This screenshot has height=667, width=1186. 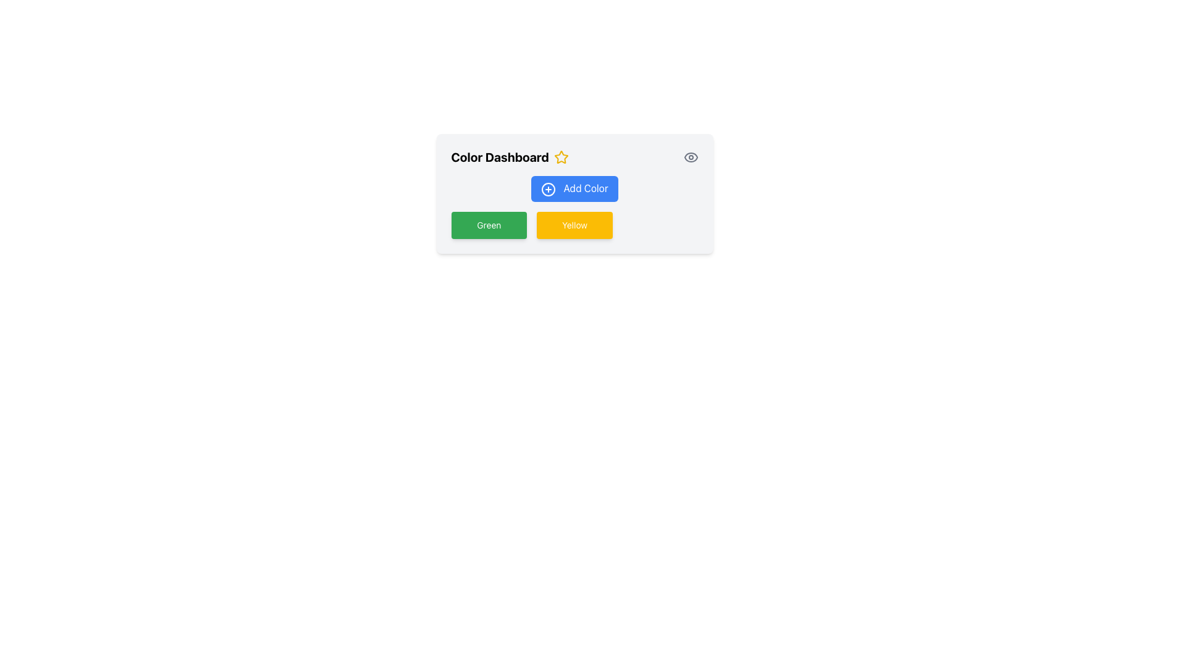 What do you see at coordinates (548, 189) in the screenshot?
I see `the circular icon with a bordered outline and an inner cross, which is located to the left of the 'Add Color' text within the blue button` at bounding box center [548, 189].